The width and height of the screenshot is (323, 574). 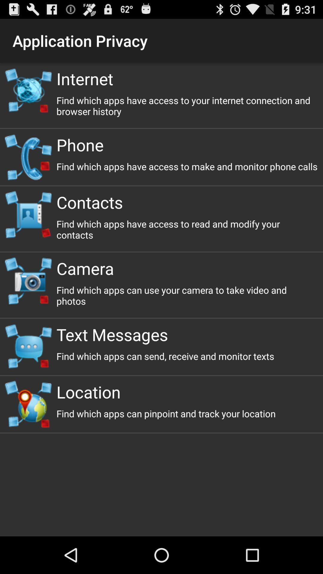 I want to click on the item below find which apps, so click(x=187, y=334).